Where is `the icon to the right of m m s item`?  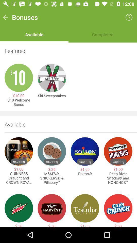 the icon to the right of m m s item is located at coordinates (85, 174).